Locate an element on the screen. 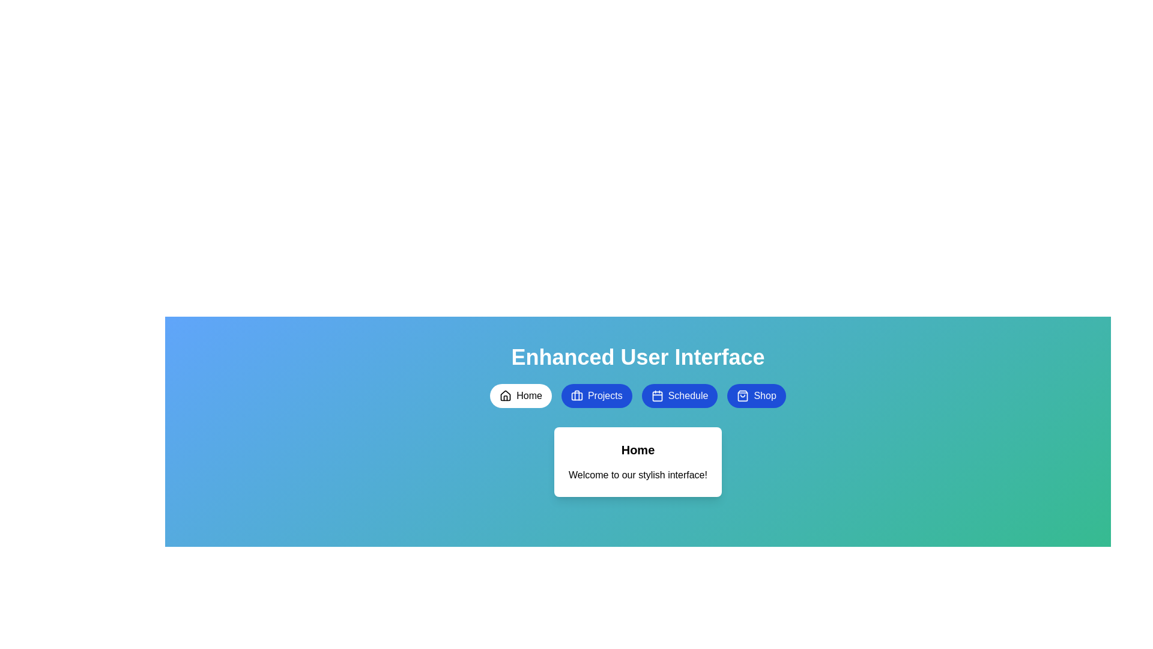 The height and width of the screenshot is (649, 1153). the Shop button to switch to the corresponding tab is located at coordinates (756, 396).